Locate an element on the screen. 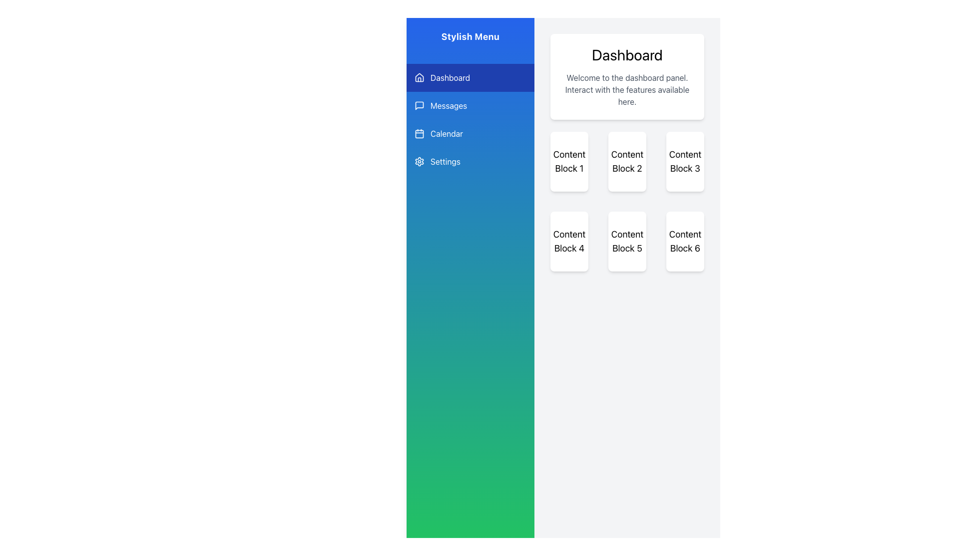 The width and height of the screenshot is (959, 539). the 'Messages' menu item icon, which is a small speech bubble shape located to the left of the 'Messages' text label is located at coordinates (420, 106).